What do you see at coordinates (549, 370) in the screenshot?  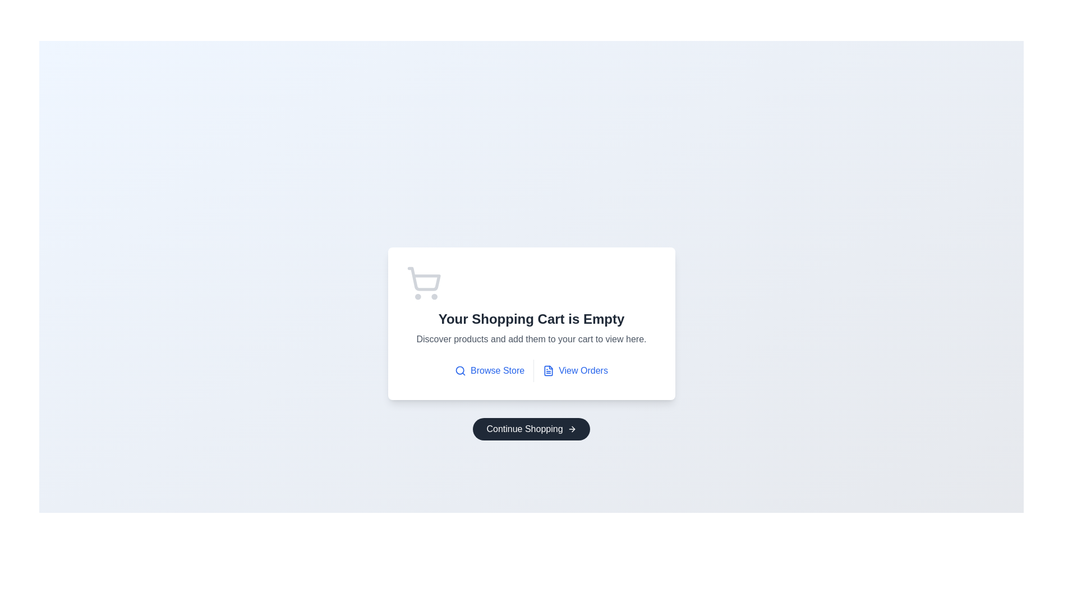 I see `the 'View Orders' button icon, which visually represents the concept of viewing or managing orders, located to the left of the button text` at bounding box center [549, 370].